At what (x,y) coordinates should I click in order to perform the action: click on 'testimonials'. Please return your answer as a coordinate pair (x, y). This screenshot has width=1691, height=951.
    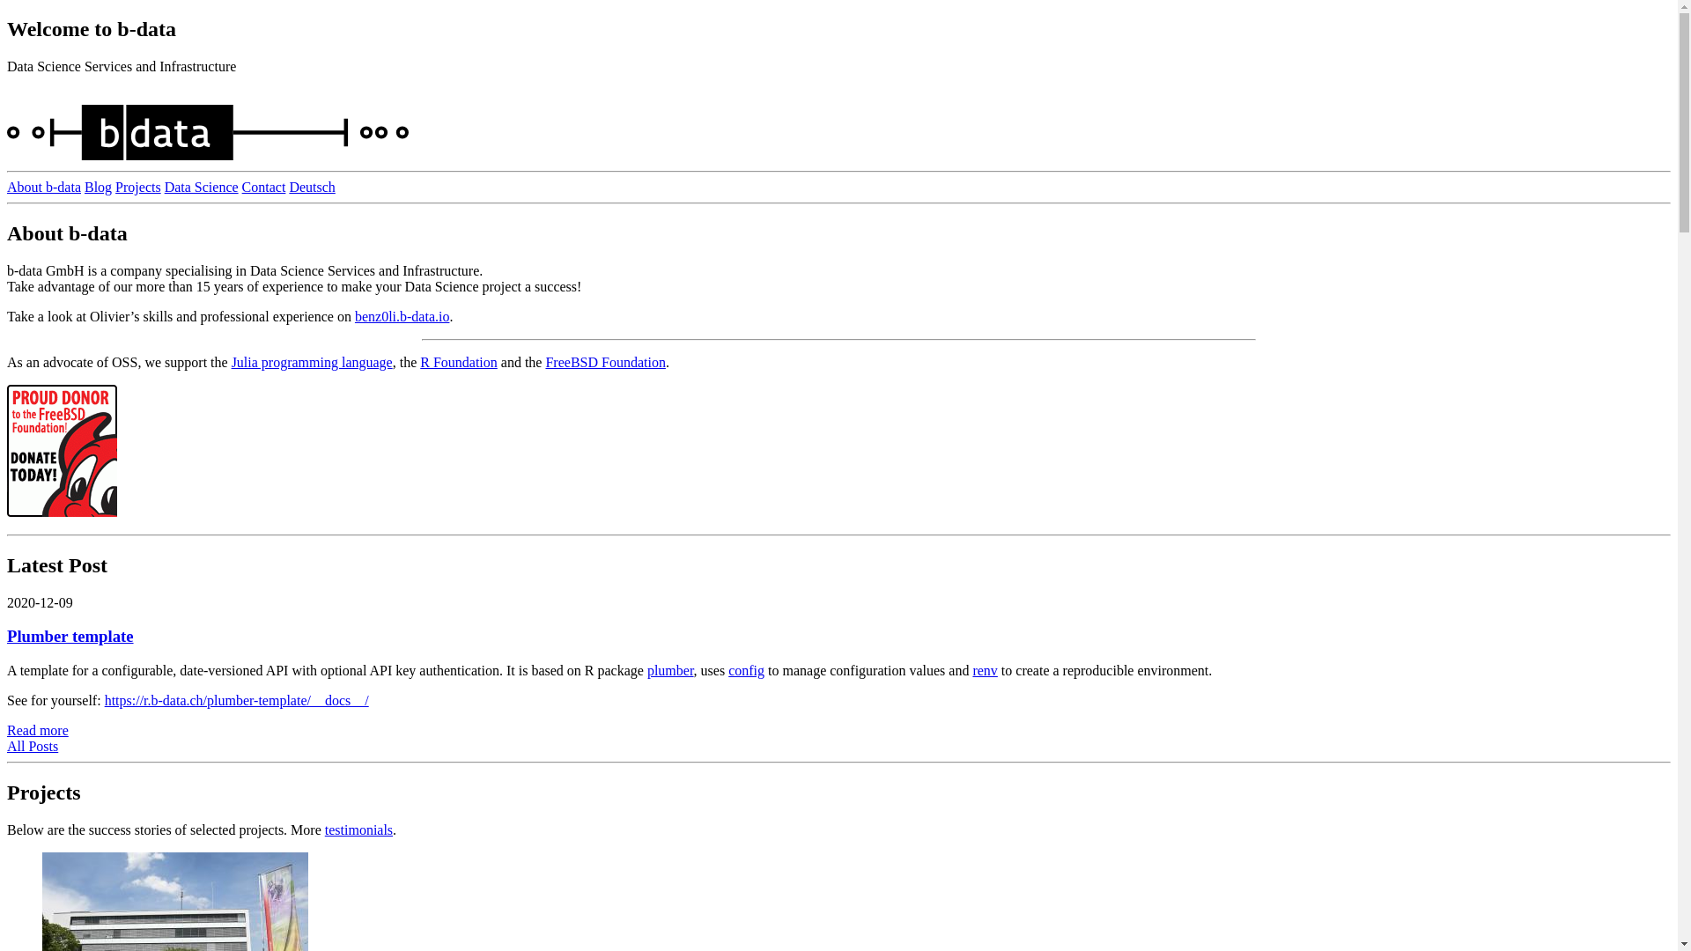
    Looking at the image, I should click on (358, 829).